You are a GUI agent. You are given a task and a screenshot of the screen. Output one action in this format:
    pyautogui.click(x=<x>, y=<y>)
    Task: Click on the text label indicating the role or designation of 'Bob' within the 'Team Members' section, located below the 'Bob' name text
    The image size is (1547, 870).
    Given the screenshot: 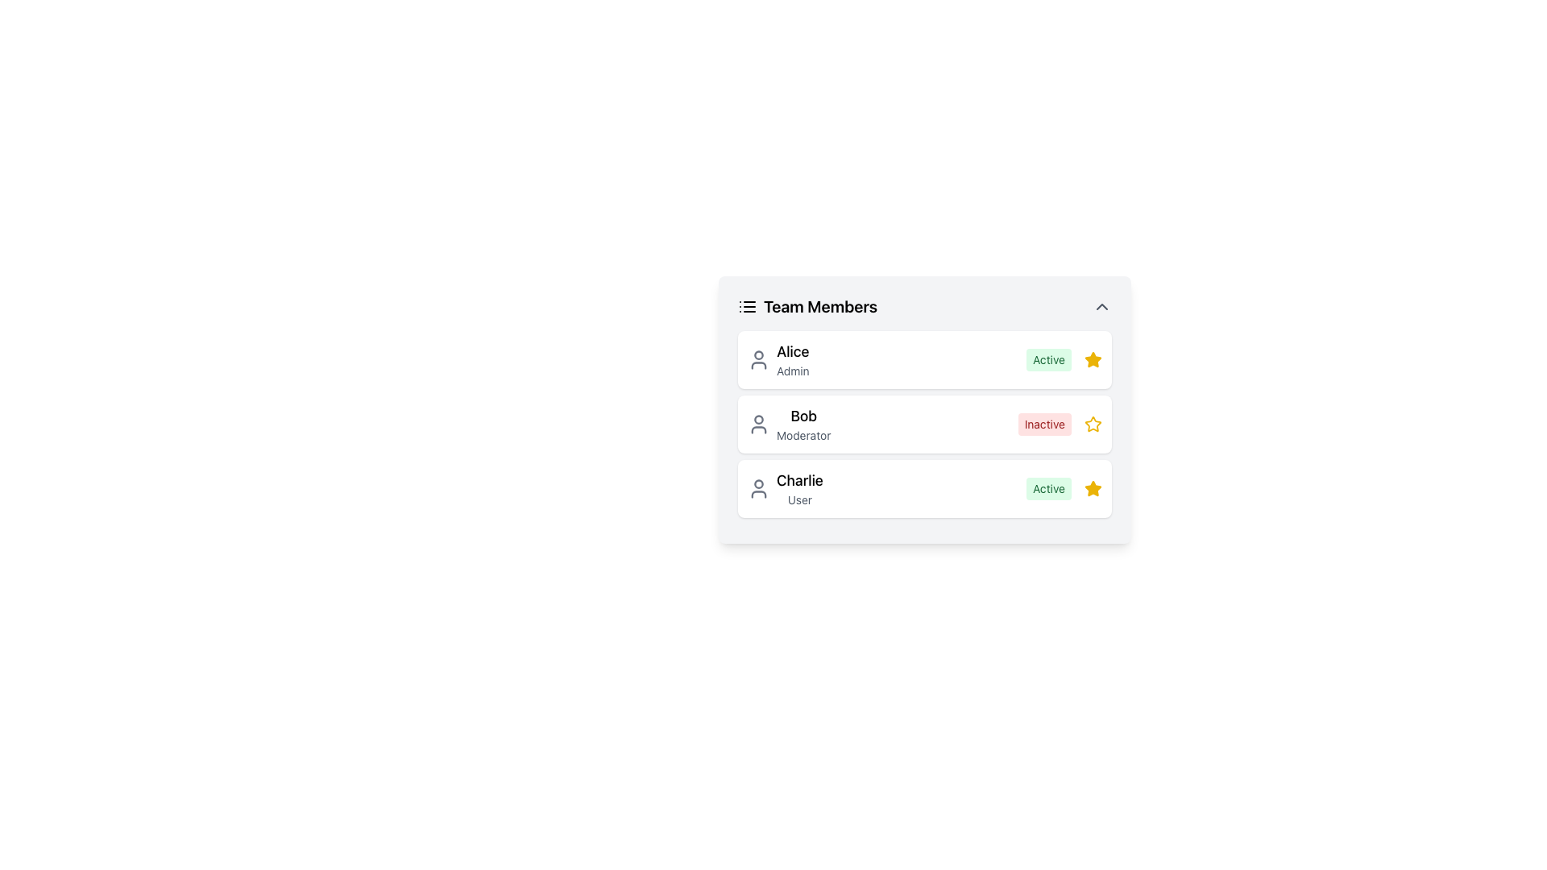 What is the action you would take?
    pyautogui.click(x=803, y=435)
    